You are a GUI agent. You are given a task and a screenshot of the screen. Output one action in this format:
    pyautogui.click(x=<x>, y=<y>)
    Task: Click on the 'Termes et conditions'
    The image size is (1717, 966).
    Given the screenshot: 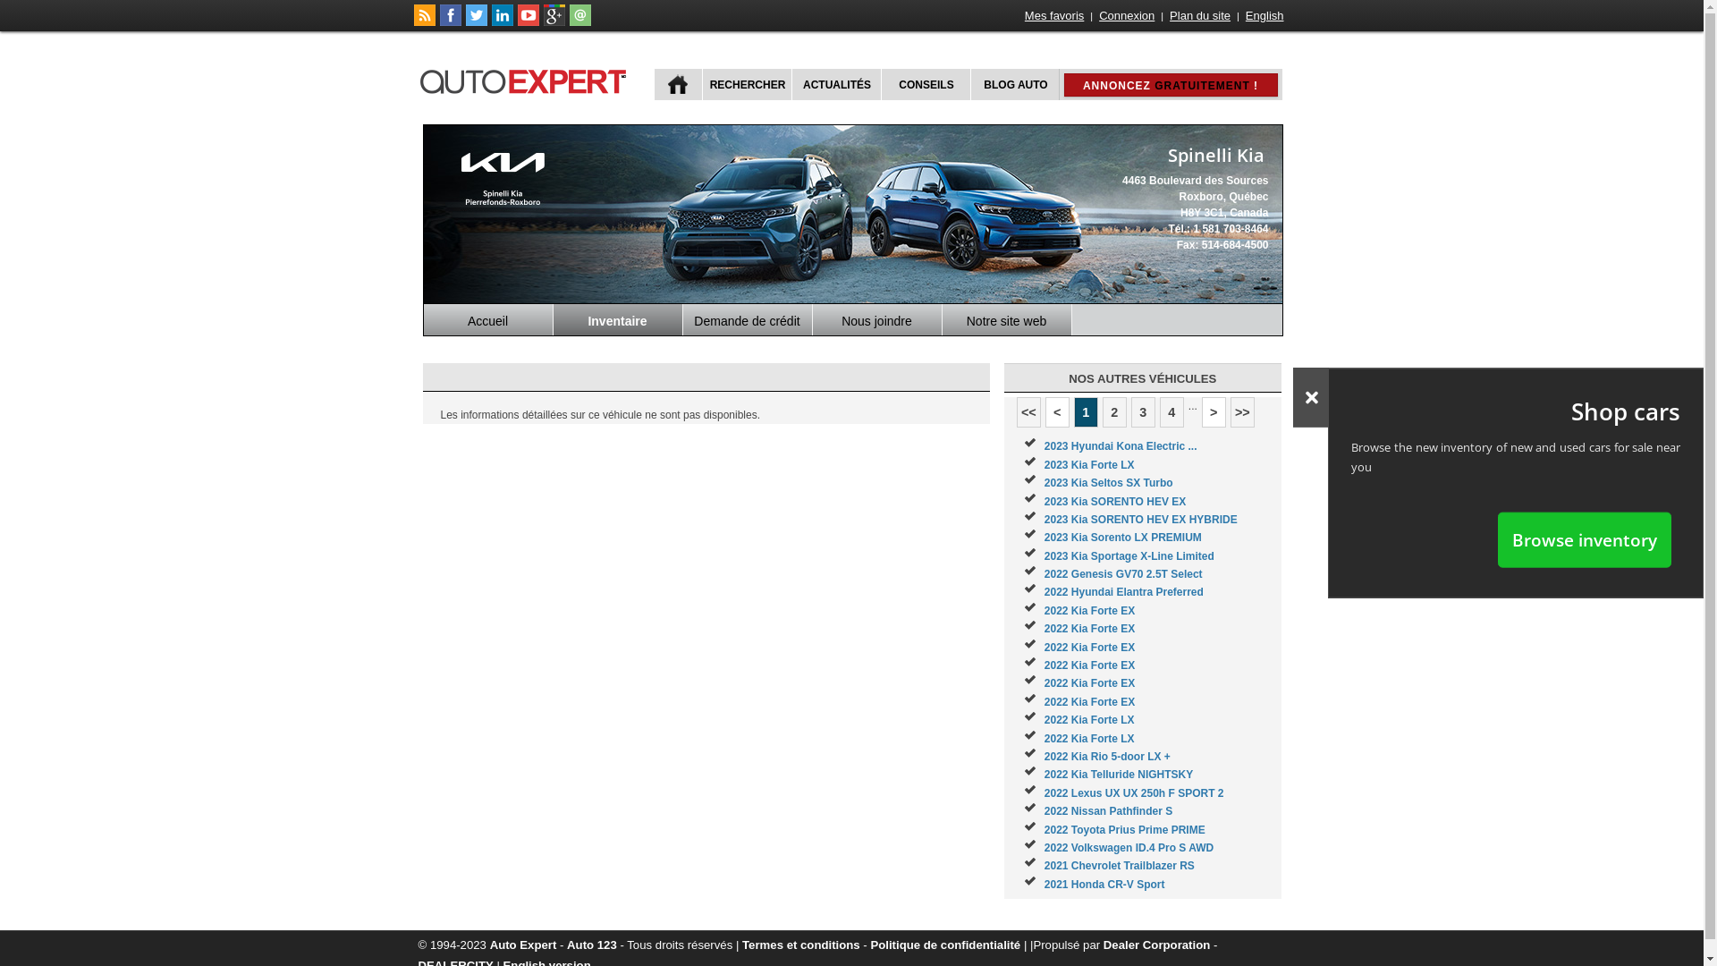 What is the action you would take?
    pyautogui.click(x=800, y=944)
    